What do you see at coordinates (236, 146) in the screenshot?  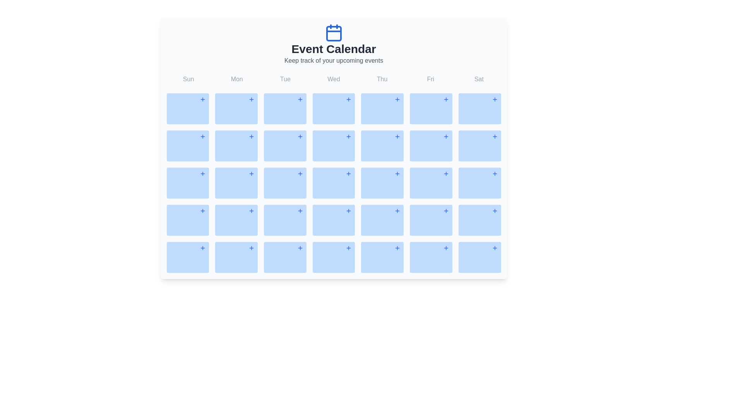 I see `the interactive calendar cell with a light blue background and a '+' symbol in the top-right corner` at bounding box center [236, 146].